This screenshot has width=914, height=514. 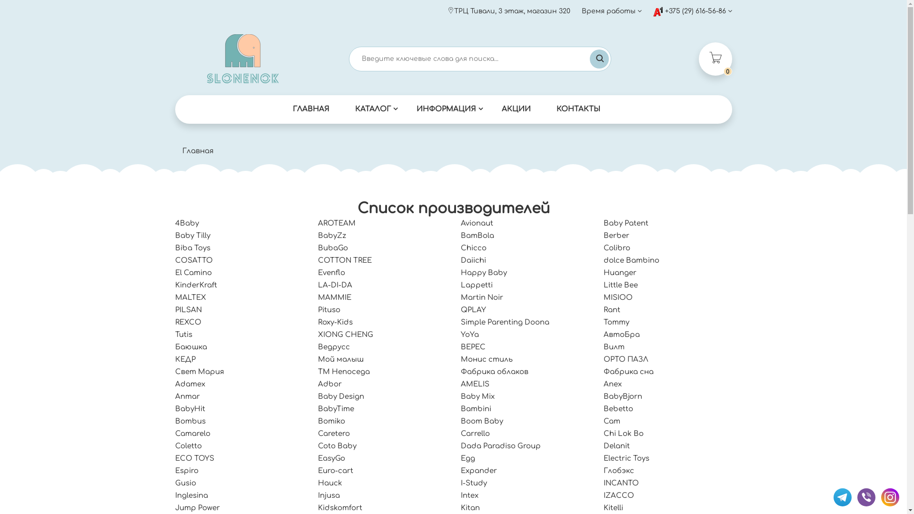 I want to click on '4Baby', so click(x=187, y=223).